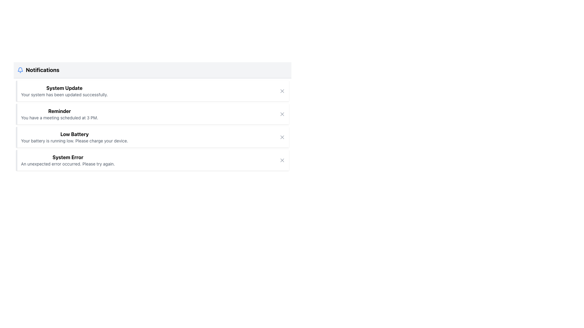 Image resolution: width=584 pixels, height=328 pixels. I want to click on the close button located in the upper-right corner of the 'Reminder' notification to potentially display a tooltip, so click(282, 114).